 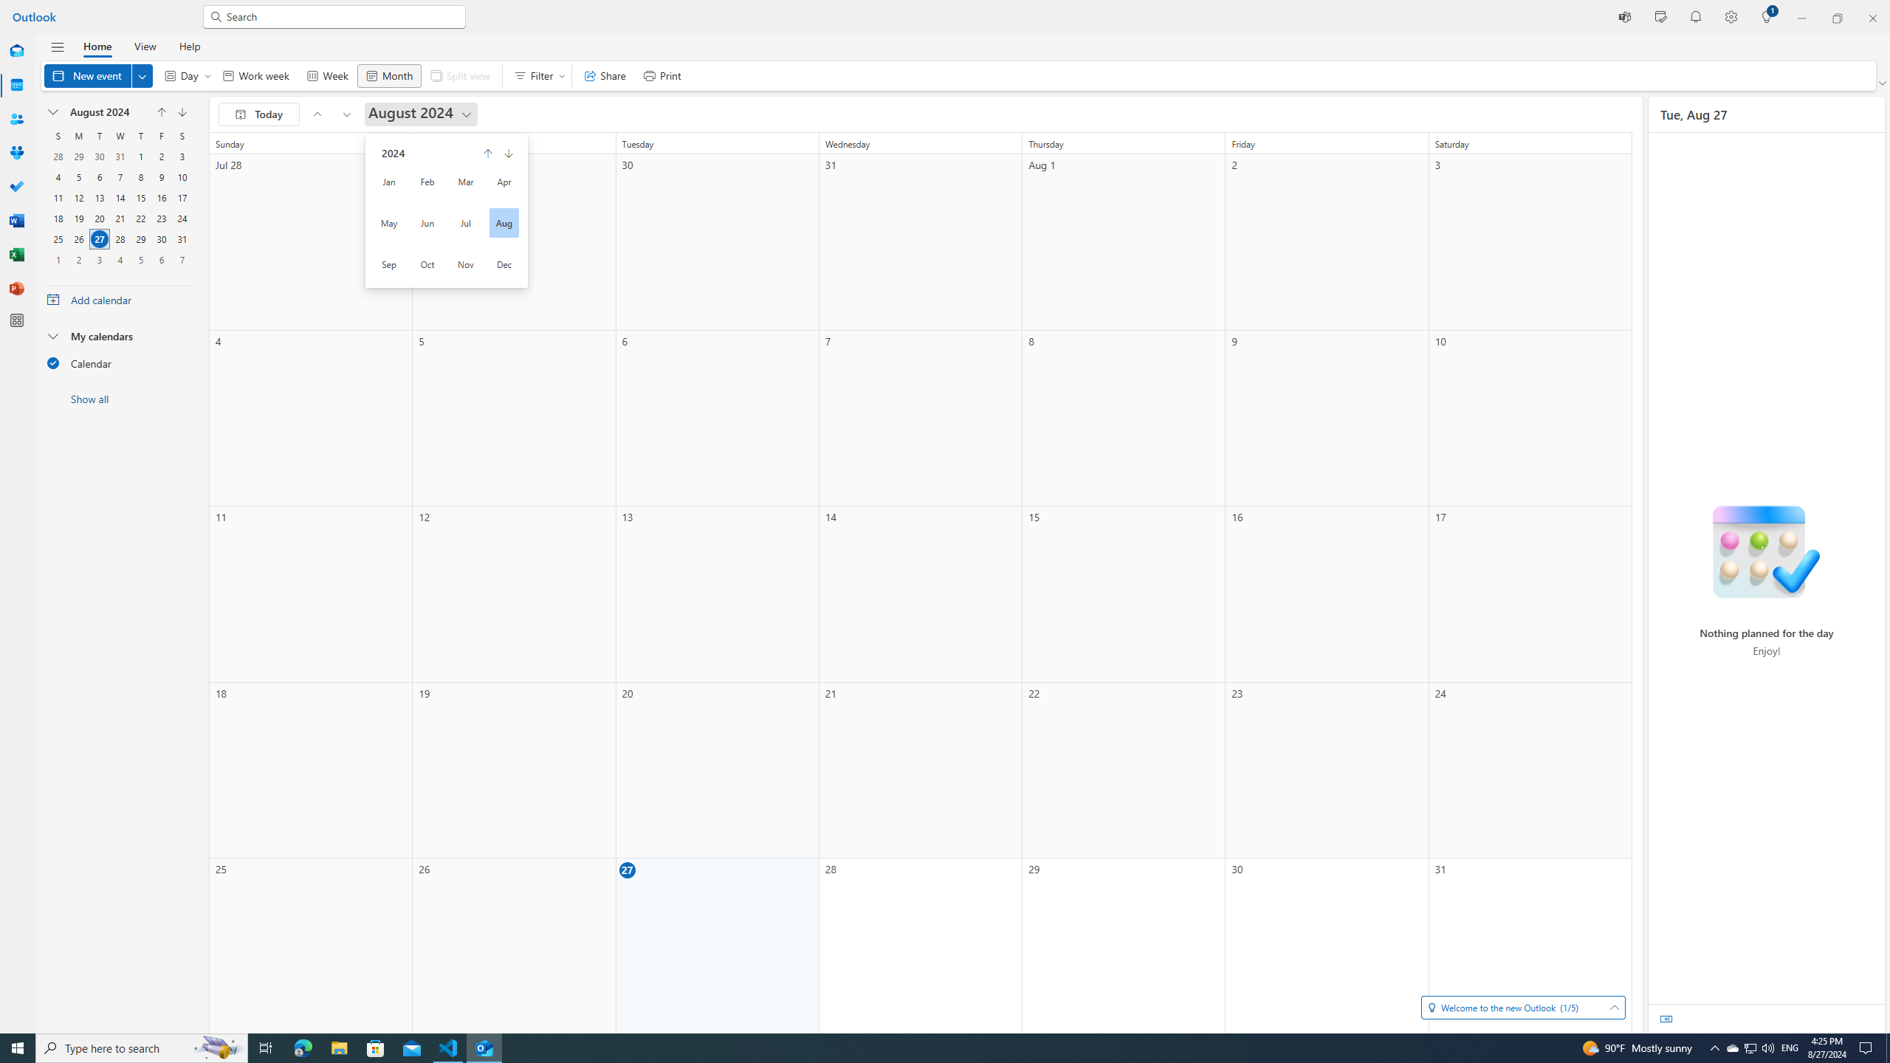 I want to click on '3, August, 2024', so click(x=182, y=156).